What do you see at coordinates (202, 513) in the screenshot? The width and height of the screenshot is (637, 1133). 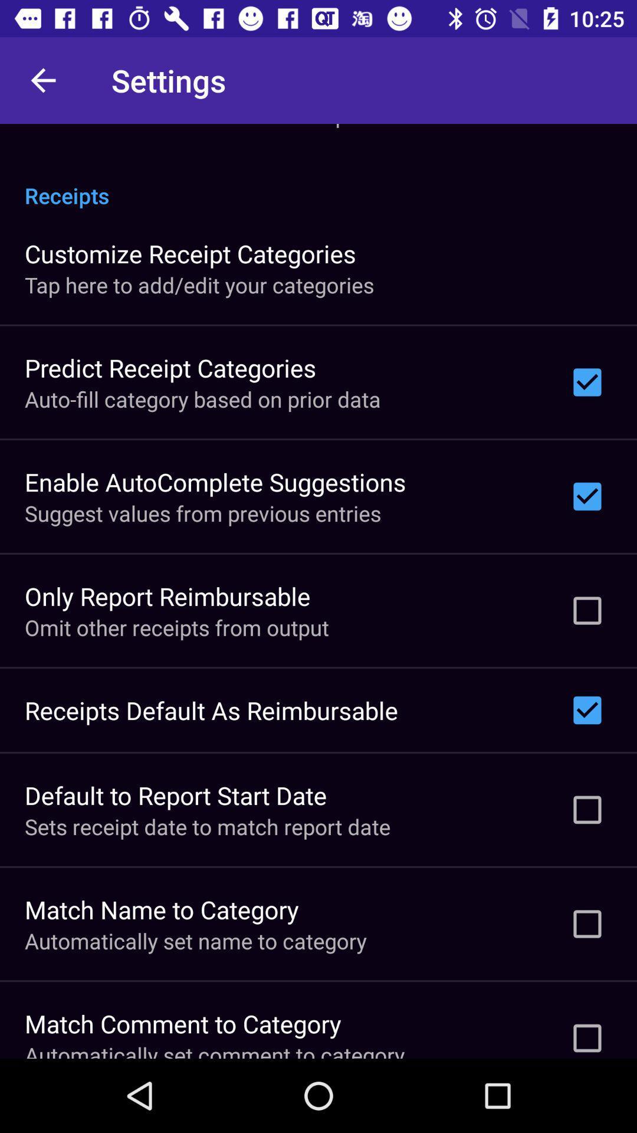 I see `the suggest values from` at bounding box center [202, 513].